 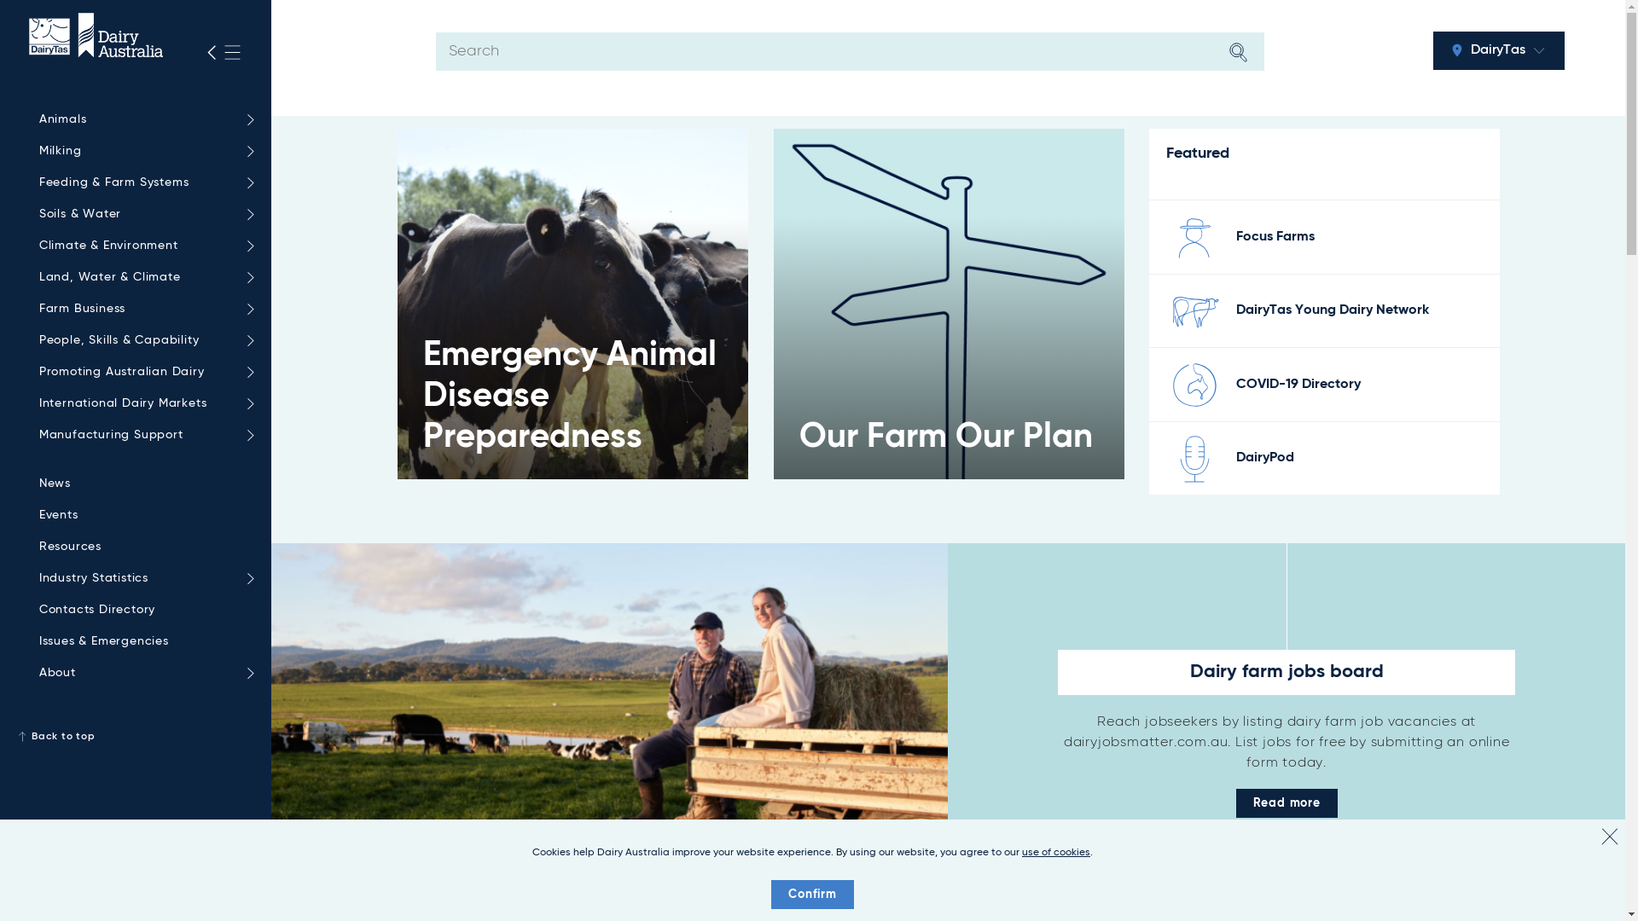 I want to click on 'use of cookies', so click(x=1055, y=852).